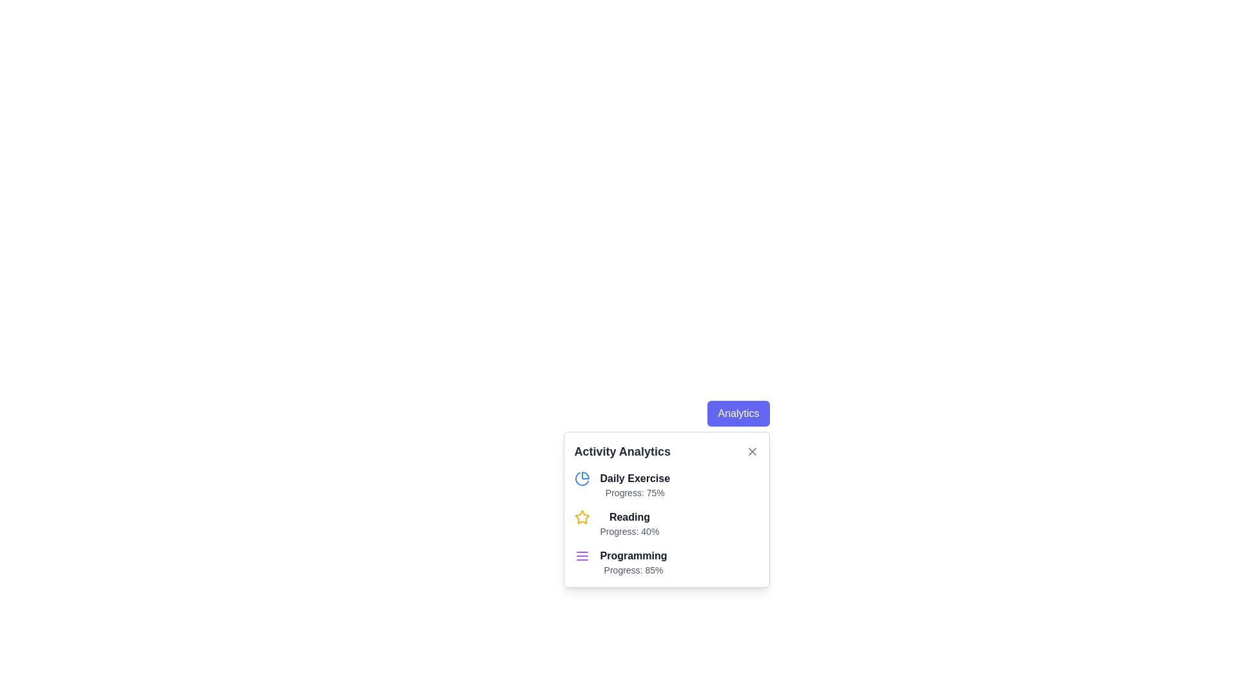 This screenshot has width=1237, height=696. I want to click on the pie chart-style icon with blue coloration, located to the left of the 'Daily Exercise' label in the 'Activity Analytics' card interface, so click(581, 479).